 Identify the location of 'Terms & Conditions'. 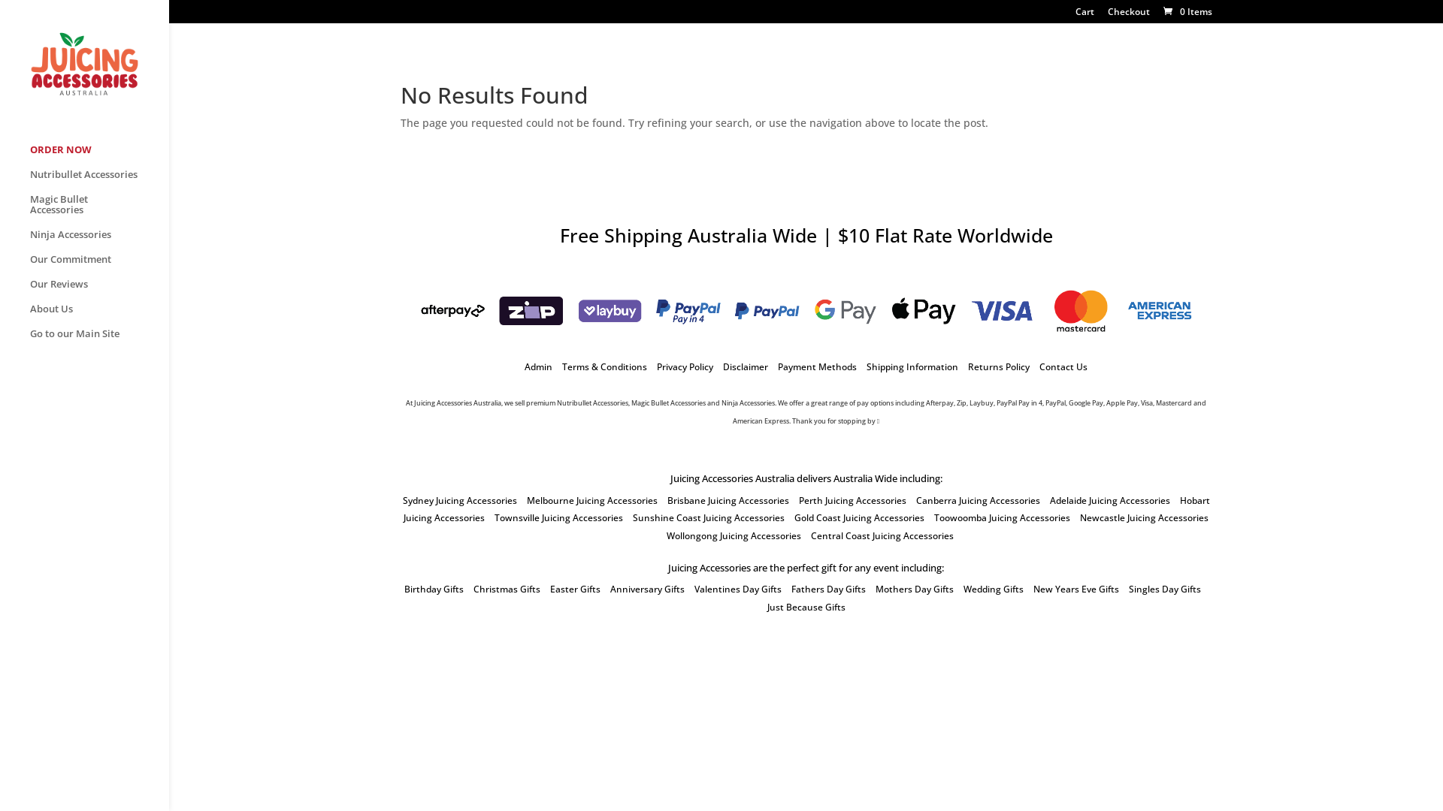
(561, 366).